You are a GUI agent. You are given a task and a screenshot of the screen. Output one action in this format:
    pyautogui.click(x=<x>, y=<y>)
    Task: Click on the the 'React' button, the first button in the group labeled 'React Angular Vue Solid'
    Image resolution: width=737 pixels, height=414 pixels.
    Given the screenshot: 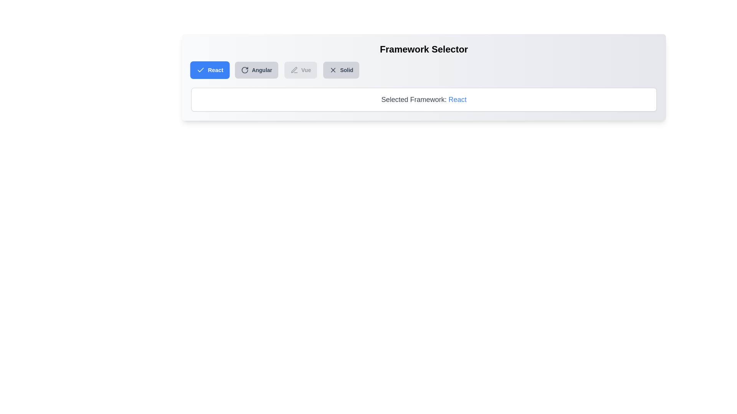 What is the action you would take?
    pyautogui.click(x=210, y=70)
    